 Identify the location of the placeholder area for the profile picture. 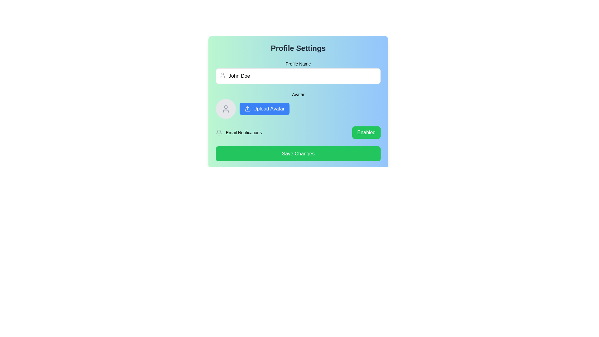
(226, 108).